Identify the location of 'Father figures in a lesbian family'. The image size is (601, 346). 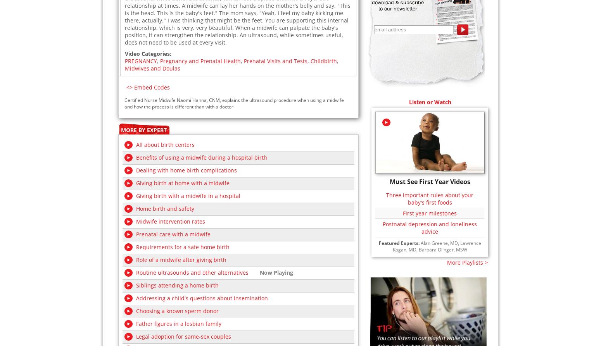
(178, 323).